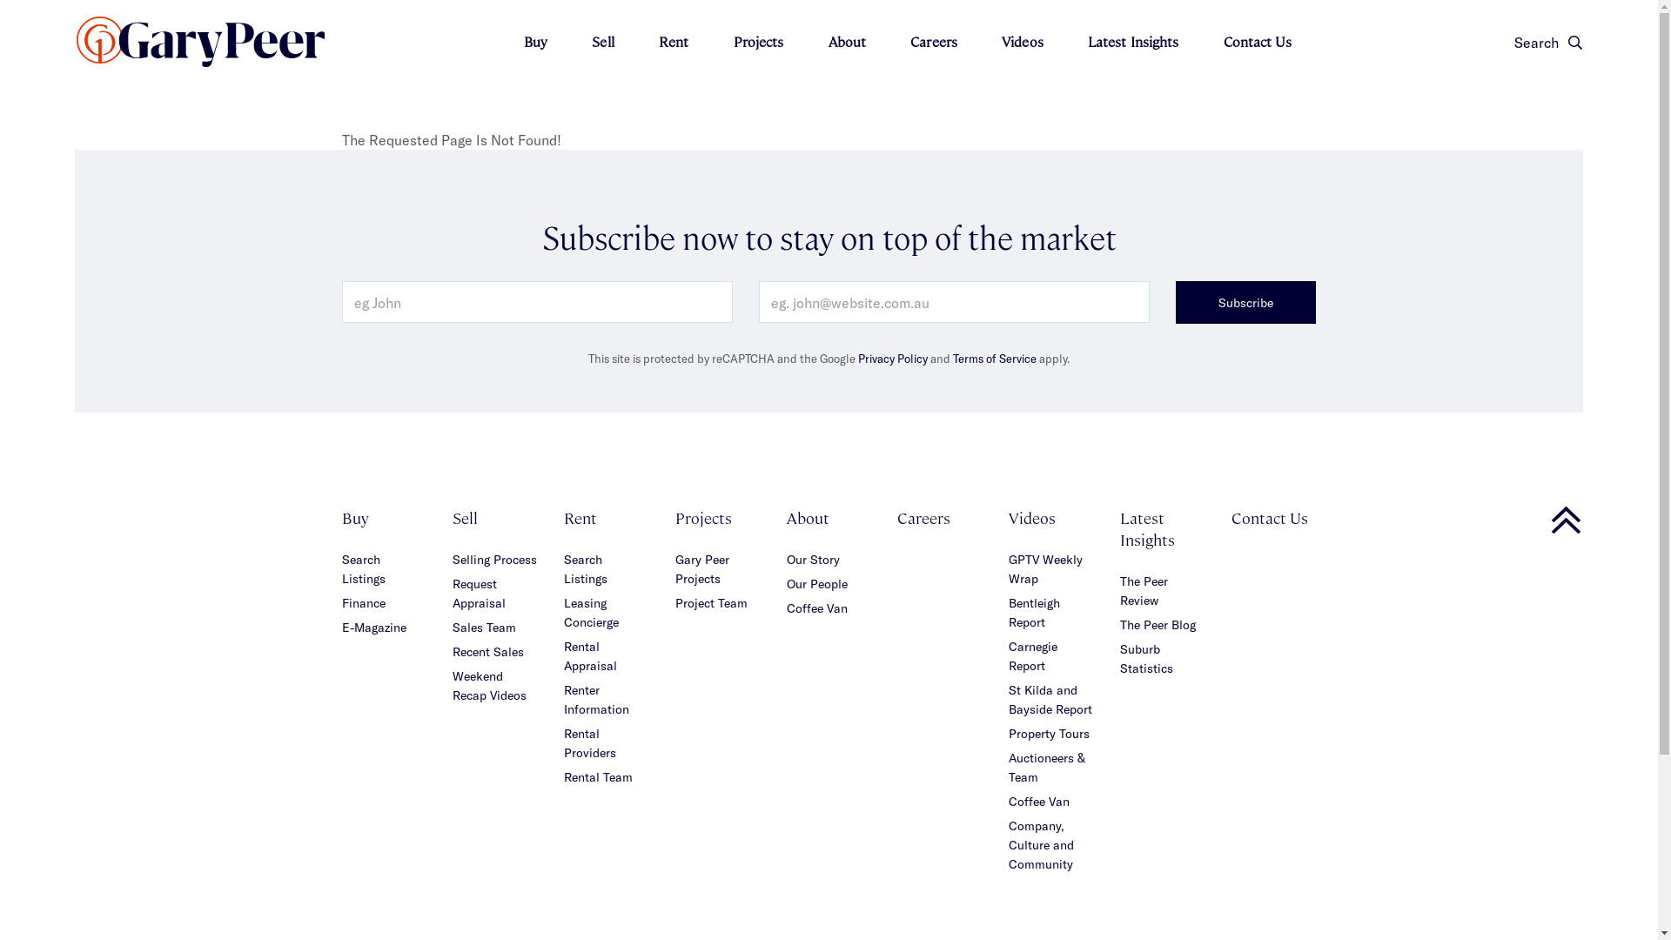  Describe the element at coordinates (591, 611) in the screenshot. I see `'Leasing Concierge'` at that location.